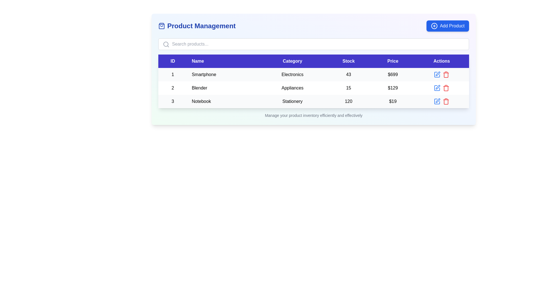  I want to click on the non-interactive informational text field indicating the category of the product 'Smartphone' in the third column under the 'Category' heading, so click(292, 74).